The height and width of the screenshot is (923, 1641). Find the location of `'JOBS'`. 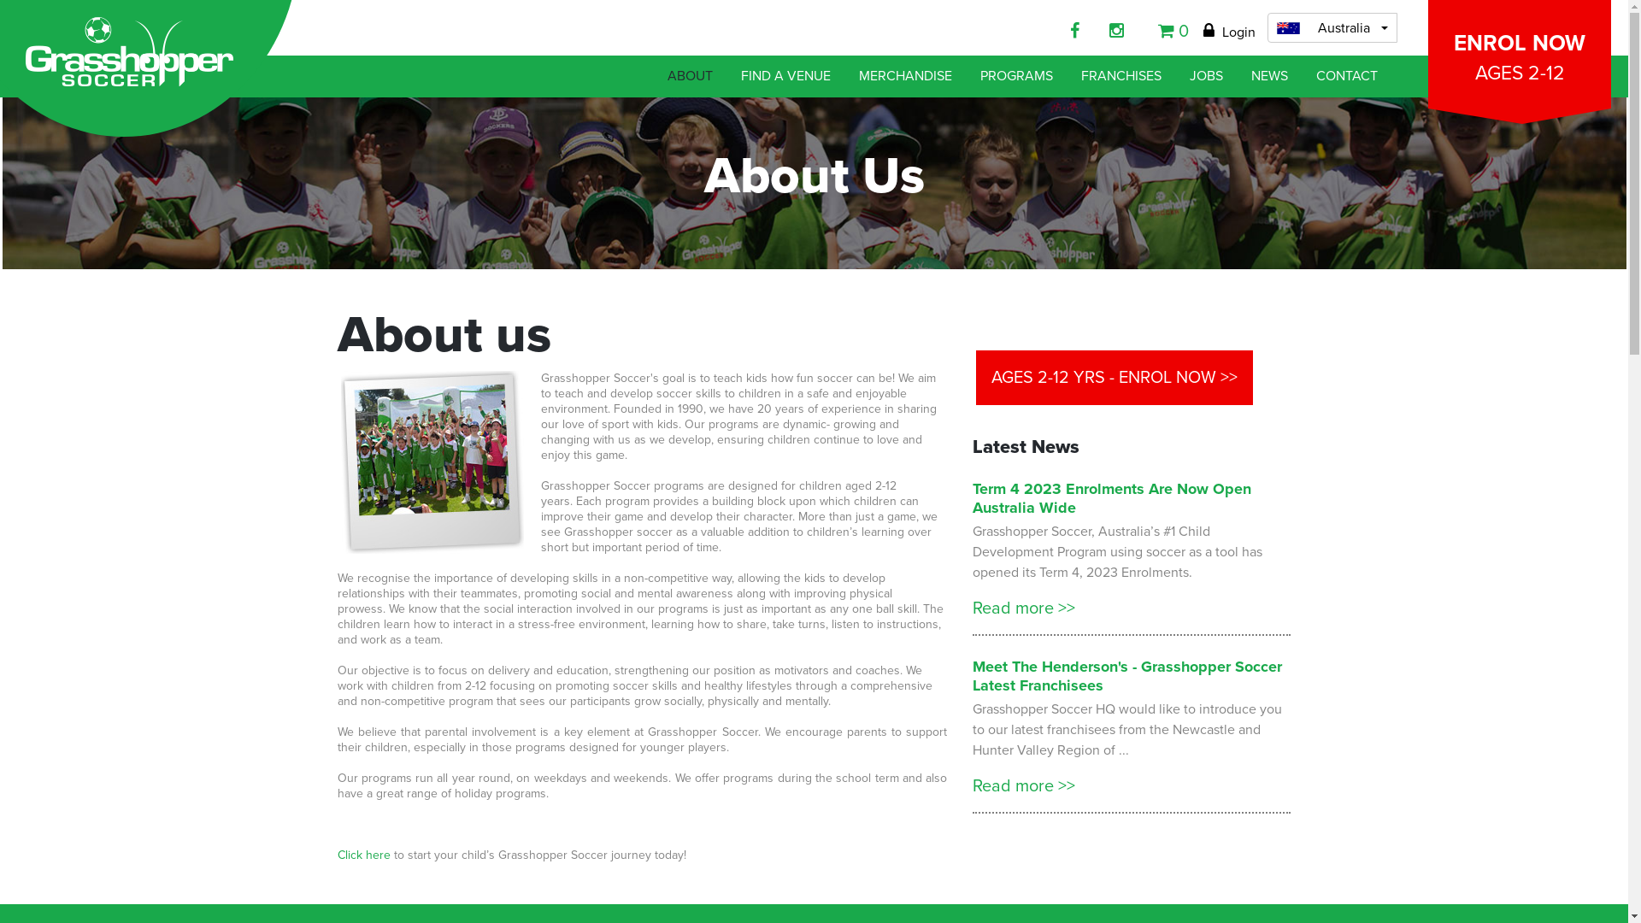

'JOBS' is located at coordinates (1205, 75).